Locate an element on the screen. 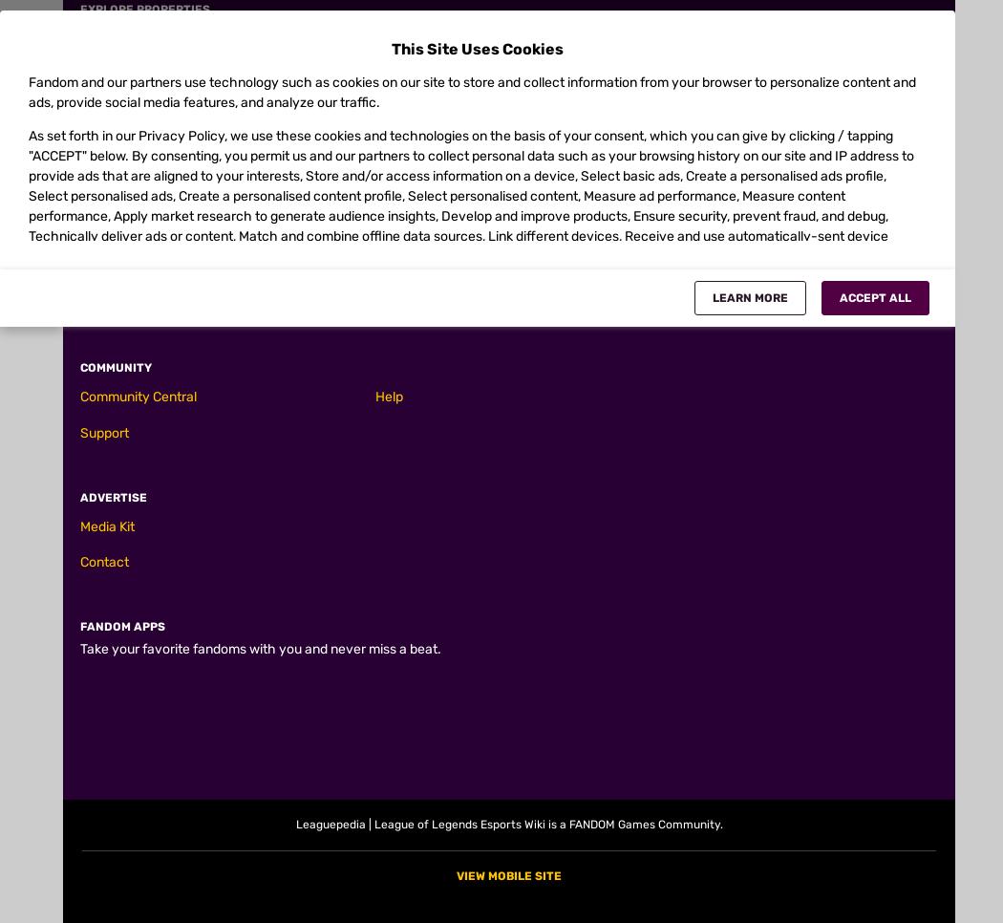 Image resolution: width=1003 pixels, height=923 pixels. 'If Crescent Slash kills a unit, its cooldown is 60% refunded' is located at coordinates (285, 662).